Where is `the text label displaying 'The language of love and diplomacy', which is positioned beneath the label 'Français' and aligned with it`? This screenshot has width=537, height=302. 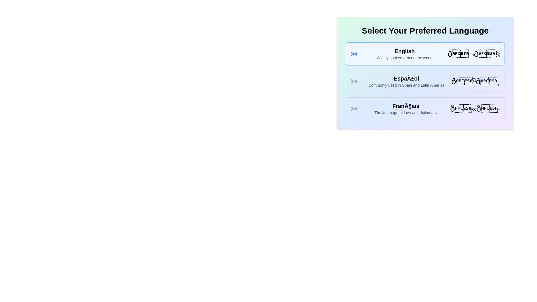
the text label displaying 'The language of love and diplomacy', which is positioned beneath the label 'Français' and aligned with it is located at coordinates (406, 112).